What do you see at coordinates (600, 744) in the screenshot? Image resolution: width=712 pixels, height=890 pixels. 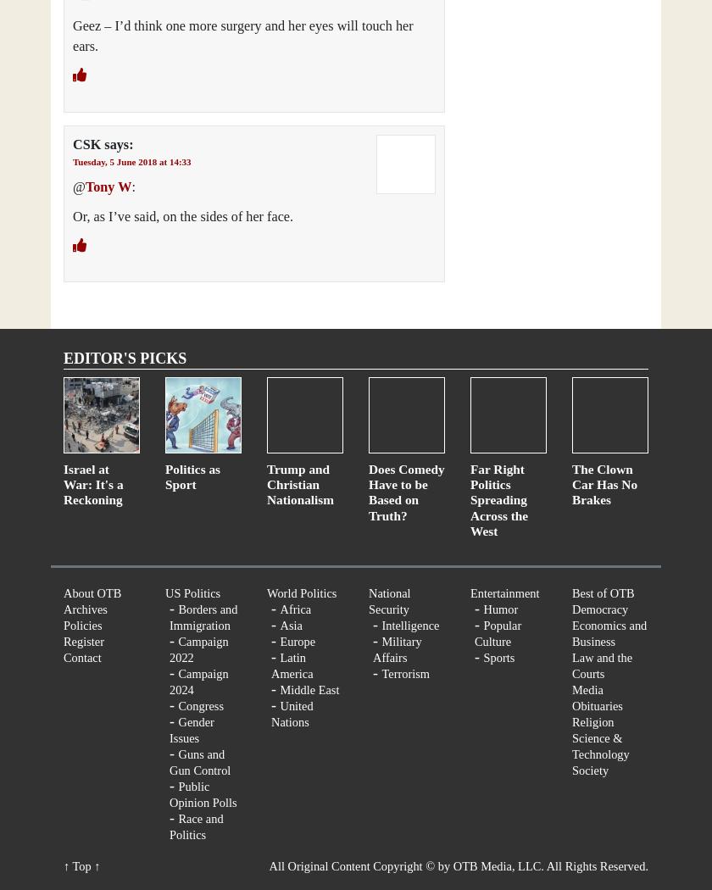 I see `'Science & Technology'` at bounding box center [600, 744].